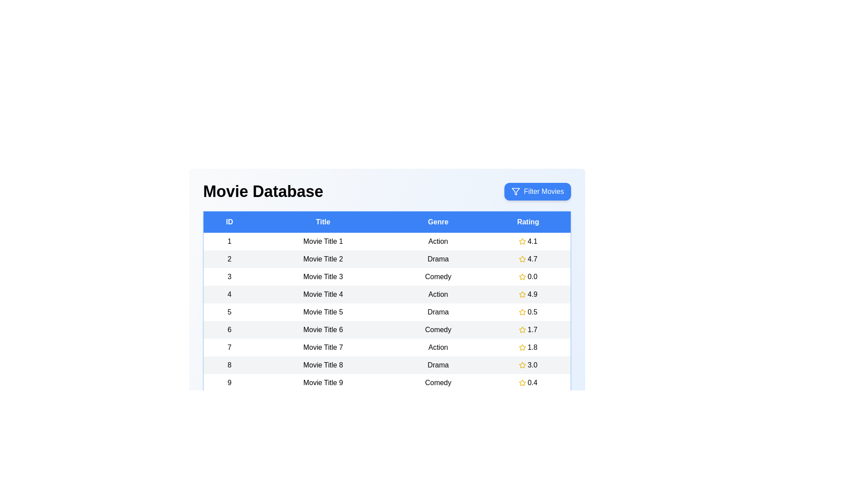 The height and width of the screenshot is (477, 848). Describe the element at coordinates (322, 221) in the screenshot. I see `the column header to sort the table by Title` at that location.